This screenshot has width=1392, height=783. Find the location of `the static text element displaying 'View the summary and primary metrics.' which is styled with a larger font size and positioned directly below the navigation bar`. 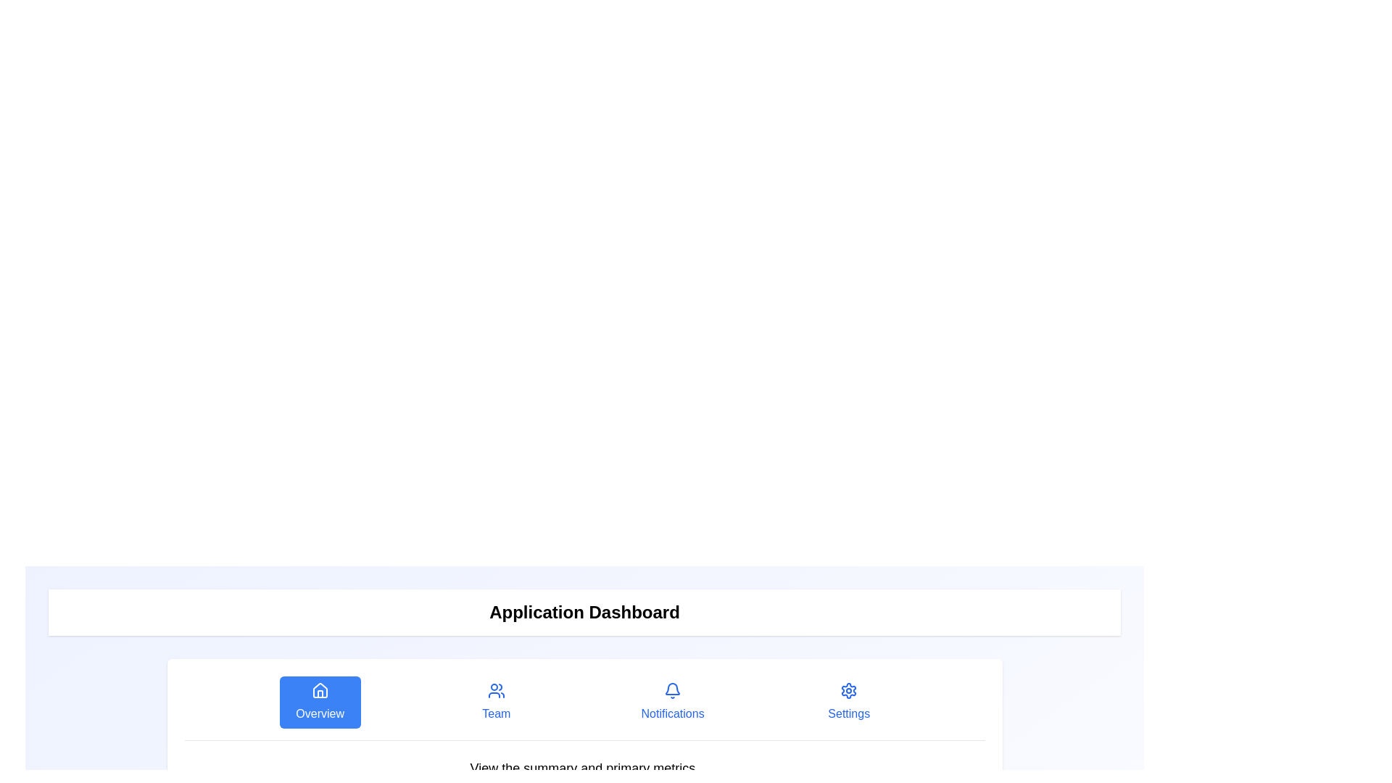

the static text element displaying 'View the summary and primary metrics.' which is styled with a larger font size and positioned directly below the navigation bar is located at coordinates (584, 768).